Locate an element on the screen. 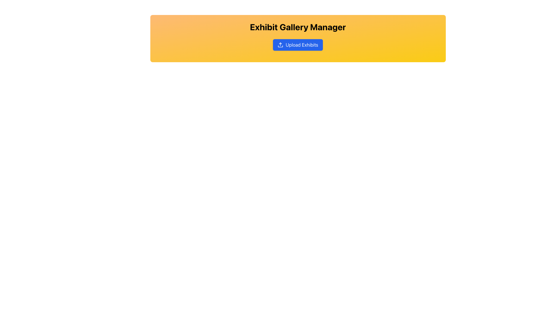 The height and width of the screenshot is (311, 554). the Icon indicating the purpose of the 'Upload Exhibits' button, which is located to the left of the text within the blue button under 'Exhibit Gallery Manager' is located at coordinates (280, 44).